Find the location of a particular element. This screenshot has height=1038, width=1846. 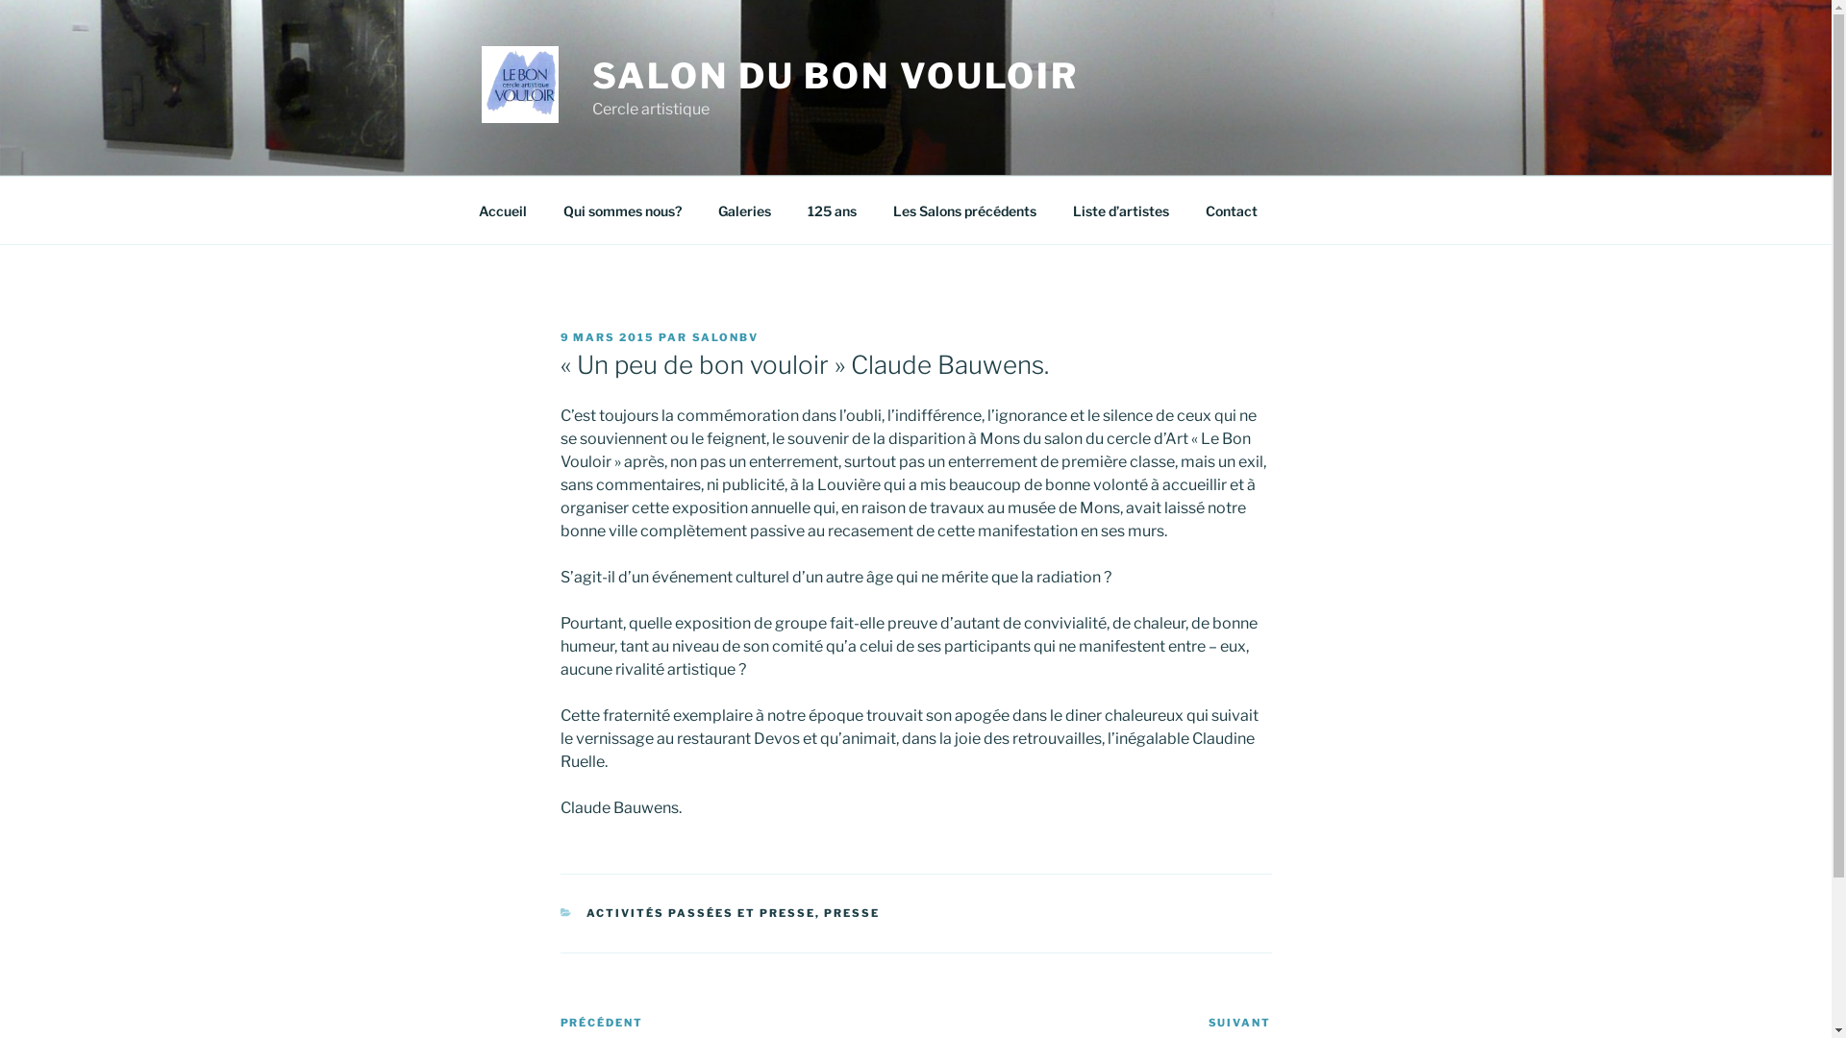

'SALONBV' is located at coordinates (724, 336).